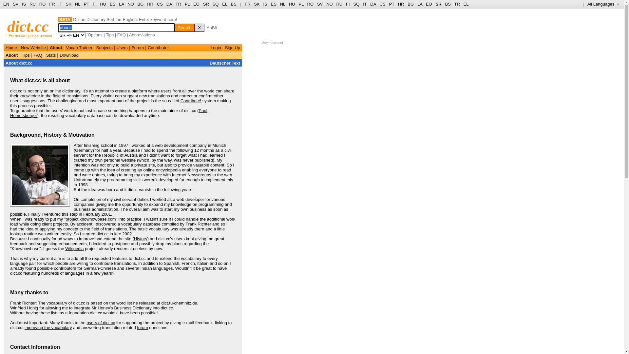  Describe the element at coordinates (79, 47) in the screenshot. I see `'Vocab Trainer'` at that location.